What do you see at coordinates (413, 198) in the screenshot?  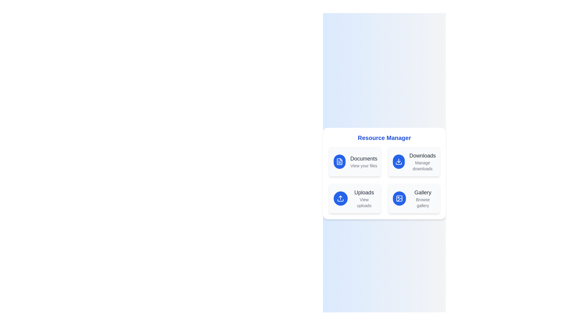 I see `the 'Gallery' option to browse the gallery` at bounding box center [413, 198].